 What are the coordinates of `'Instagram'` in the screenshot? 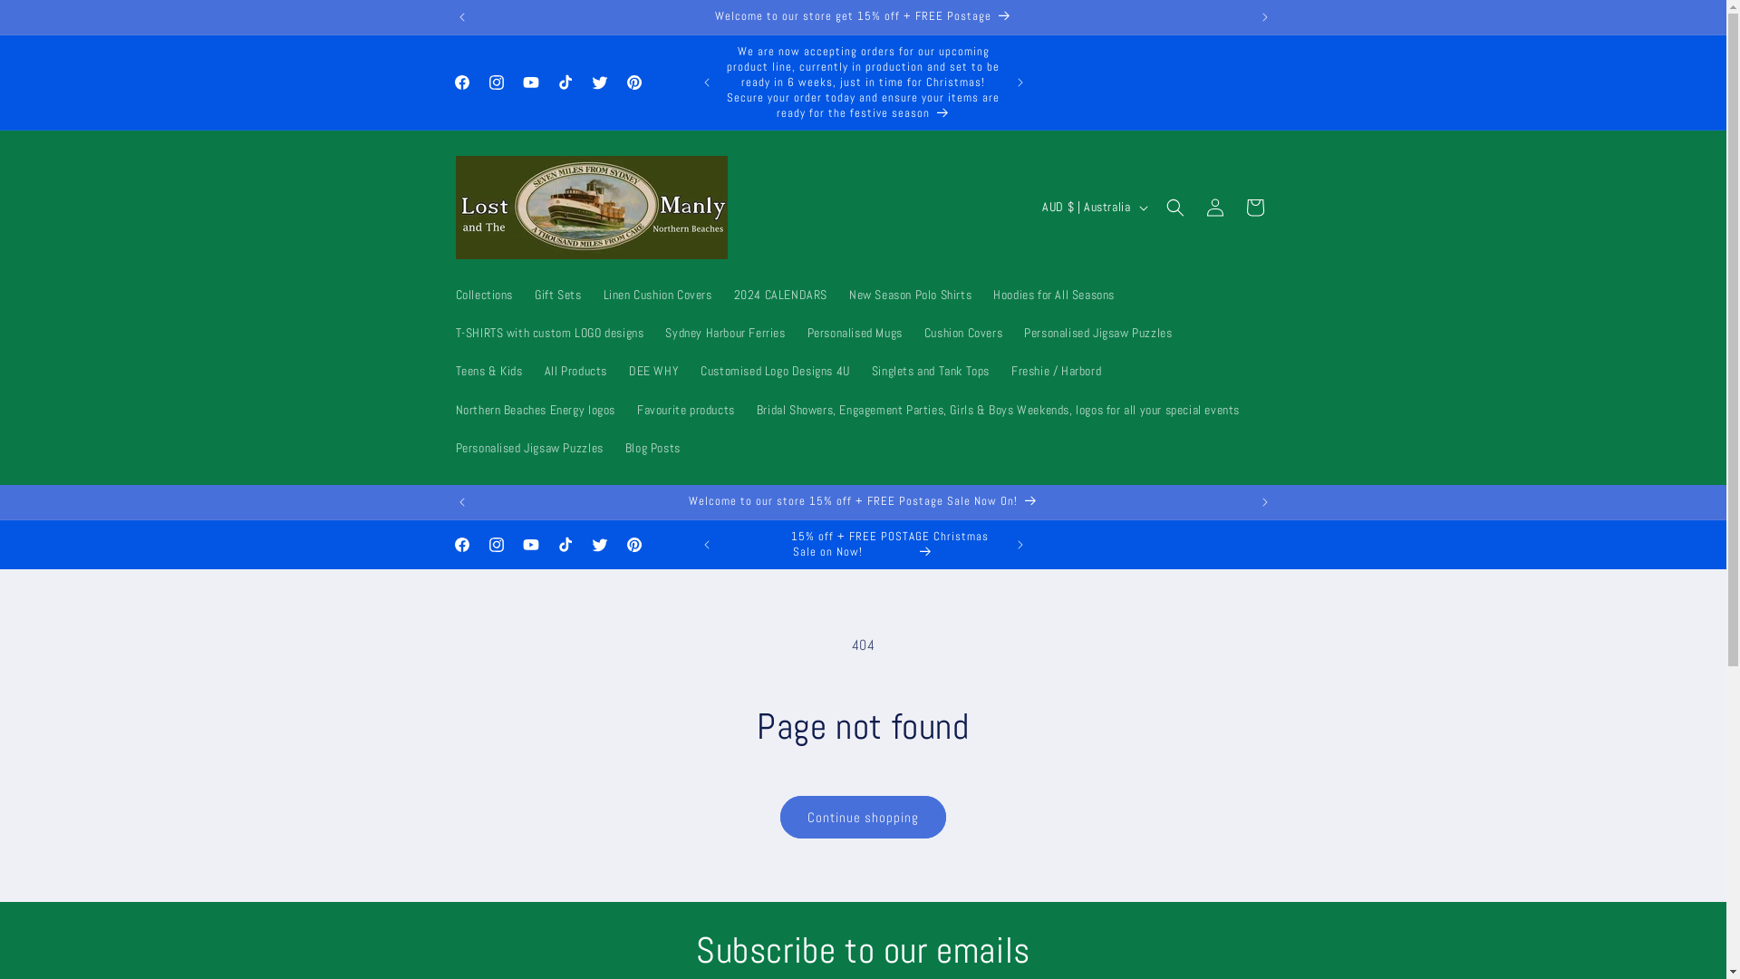 It's located at (496, 82).